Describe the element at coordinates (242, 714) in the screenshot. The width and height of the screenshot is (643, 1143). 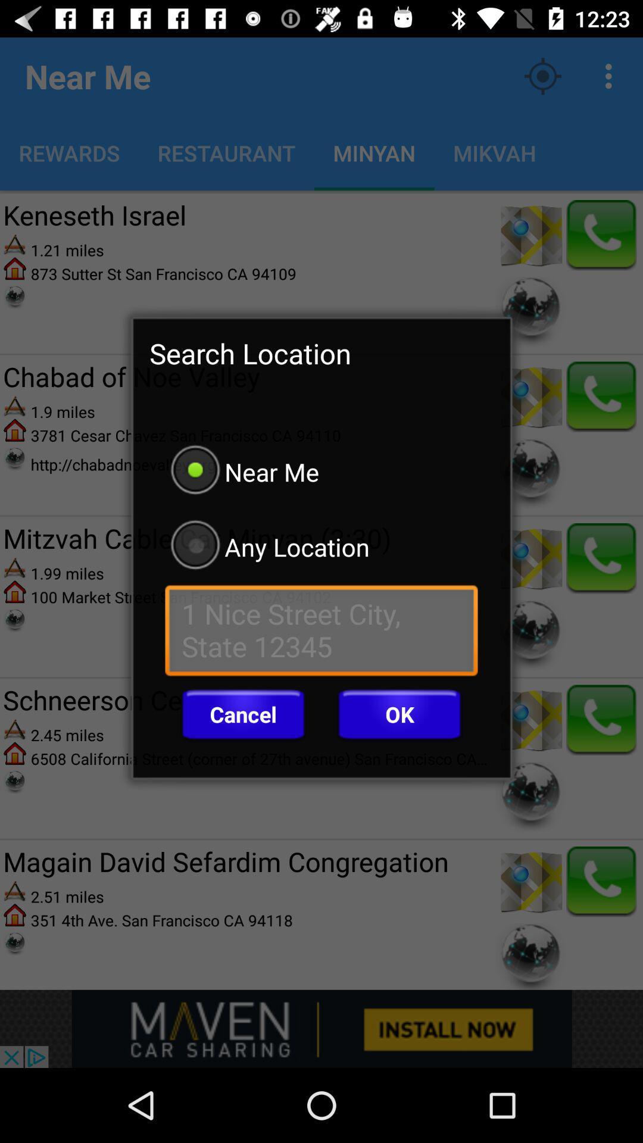
I see `the icon next to ok` at that location.